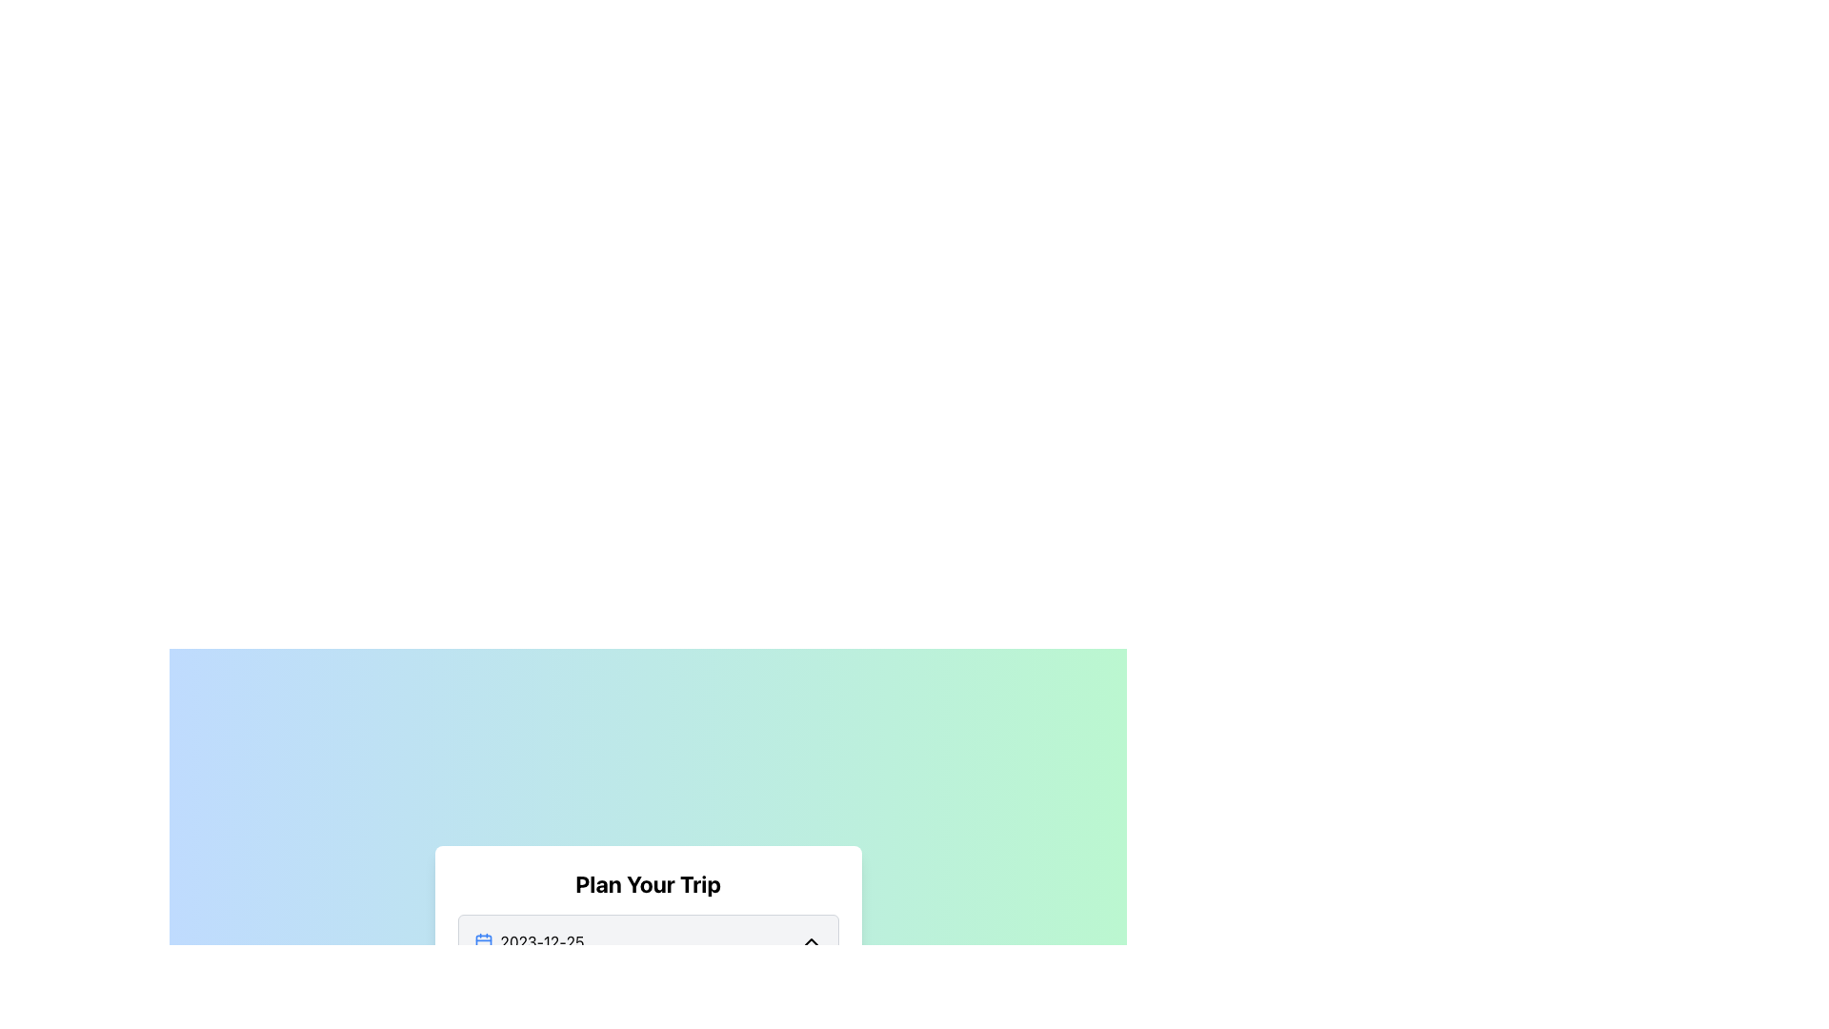 The height and width of the screenshot is (1029, 1829). I want to click on the chevron icon located at the right end of the horizontal layout containing the text '2023-12-25', so click(811, 940).